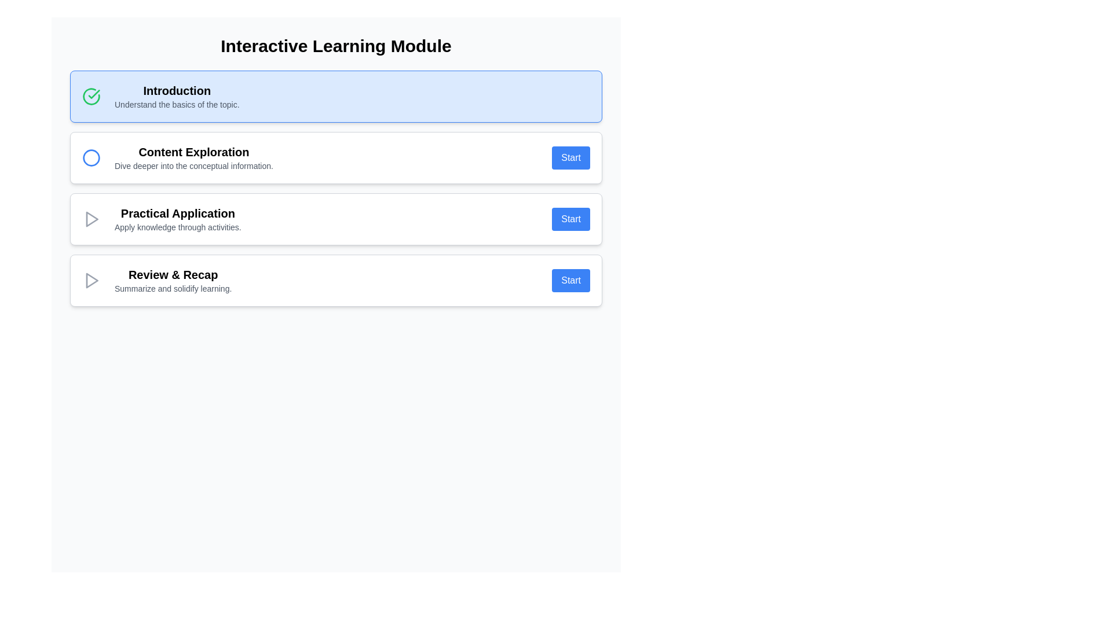 This screenshot has width=1112, height=625. Describe the element at coordinates (91, 95) in the screenshot. I see `the circular green icon with a checkmark inside it, located in the upper-left corner of the 'Introduction' card labeled 'Introduction Understand the basics of the topic.'` at that location.